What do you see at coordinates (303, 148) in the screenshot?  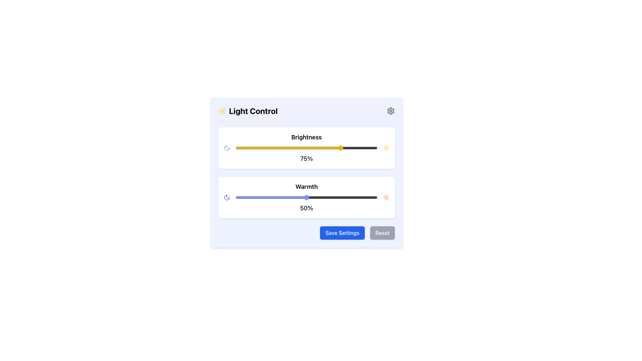 I see `brightness` at bounding box center [303, 148].